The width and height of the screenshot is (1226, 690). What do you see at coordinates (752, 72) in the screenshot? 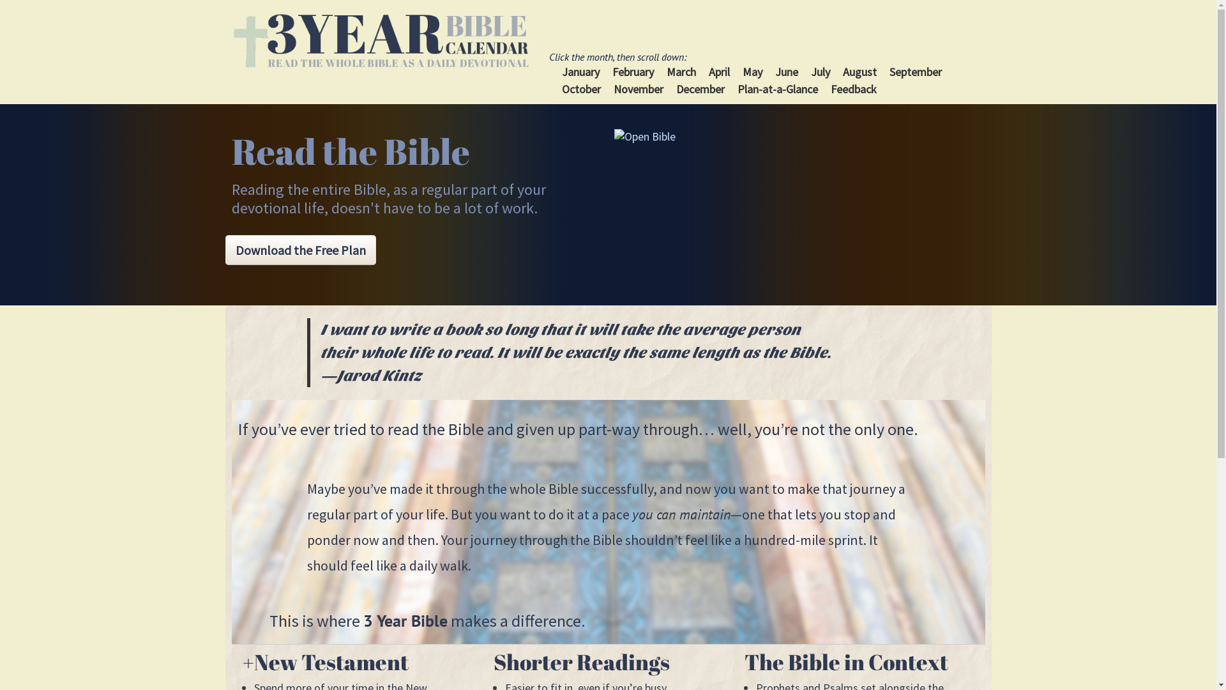
I see `'May'` at bounding box center [752, 72].